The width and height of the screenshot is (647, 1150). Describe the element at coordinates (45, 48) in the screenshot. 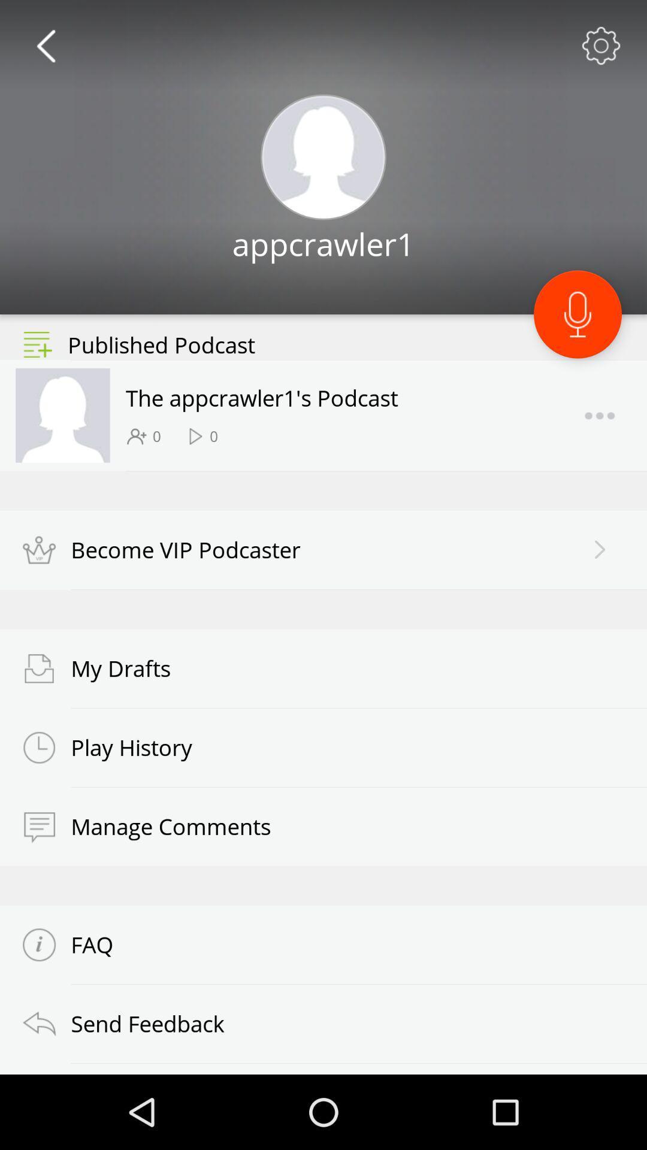

I see `the arrow_backward icon` at that location.